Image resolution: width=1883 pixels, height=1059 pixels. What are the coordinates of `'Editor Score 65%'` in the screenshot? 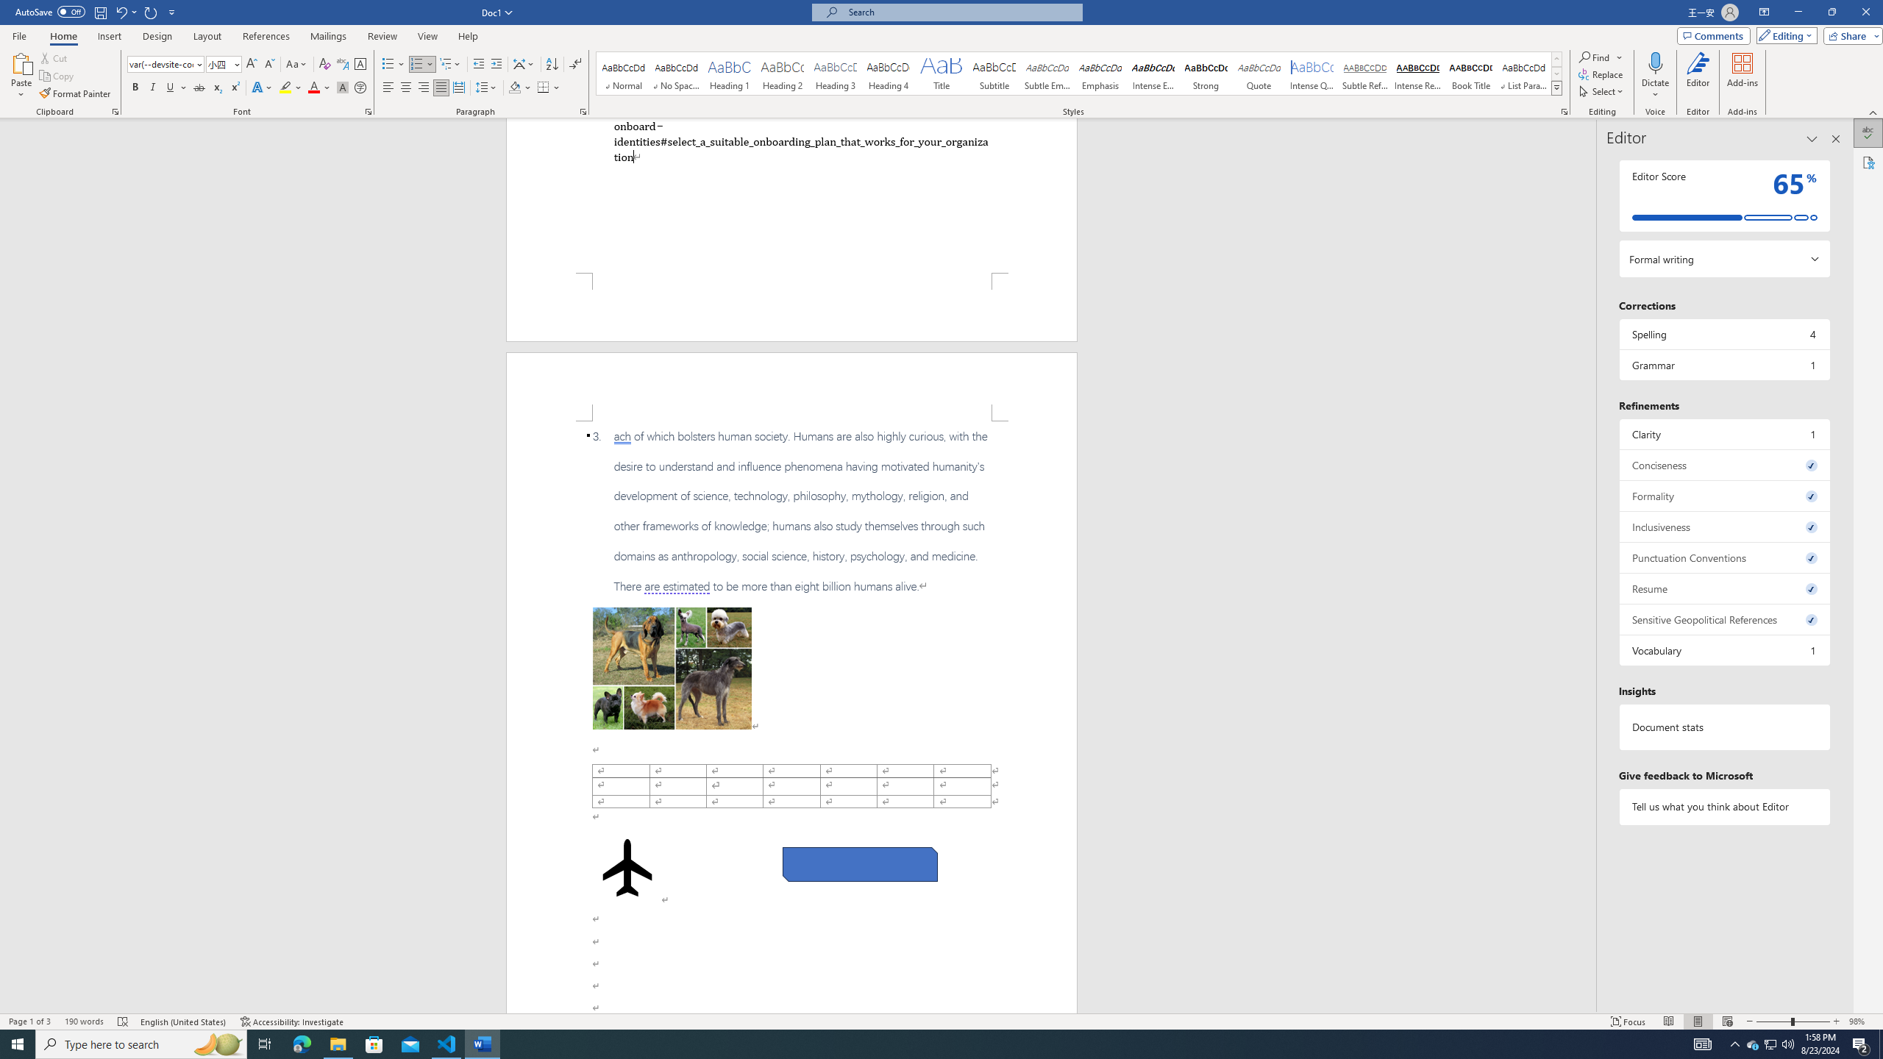 It's located at (1723, 195).